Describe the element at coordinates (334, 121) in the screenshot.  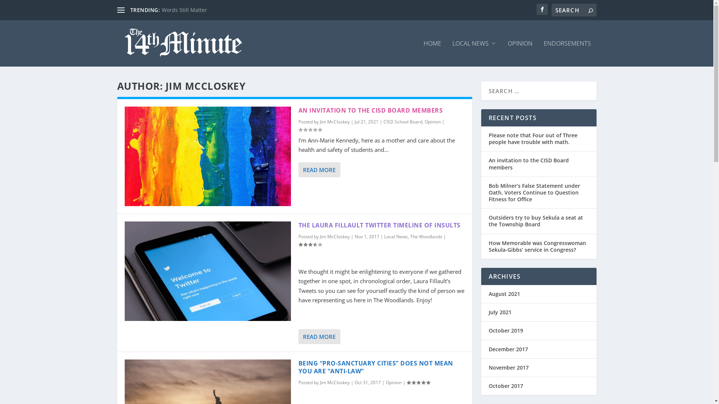
I see `'Jim McCloskey'` at that location.